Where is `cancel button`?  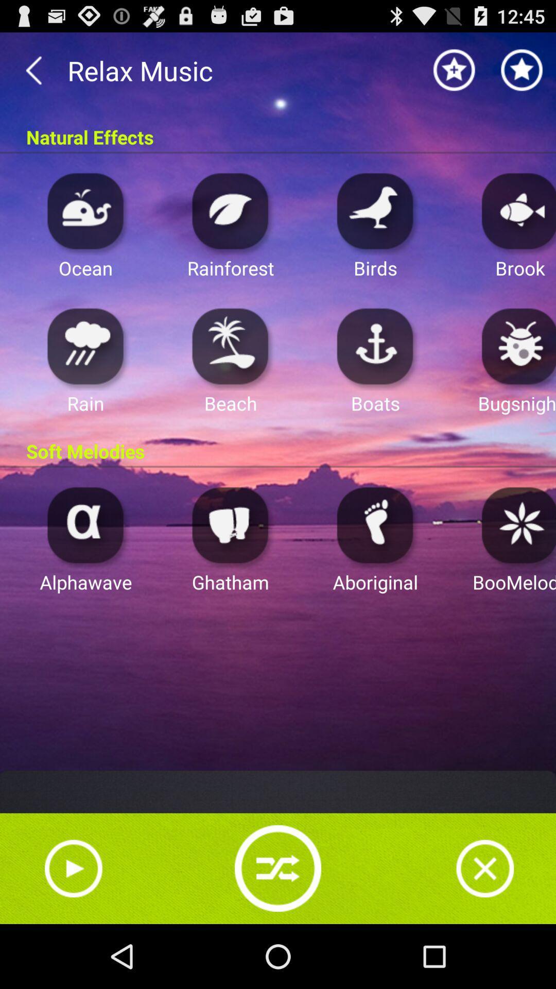 cancel button is located at coordinates (485, 868).